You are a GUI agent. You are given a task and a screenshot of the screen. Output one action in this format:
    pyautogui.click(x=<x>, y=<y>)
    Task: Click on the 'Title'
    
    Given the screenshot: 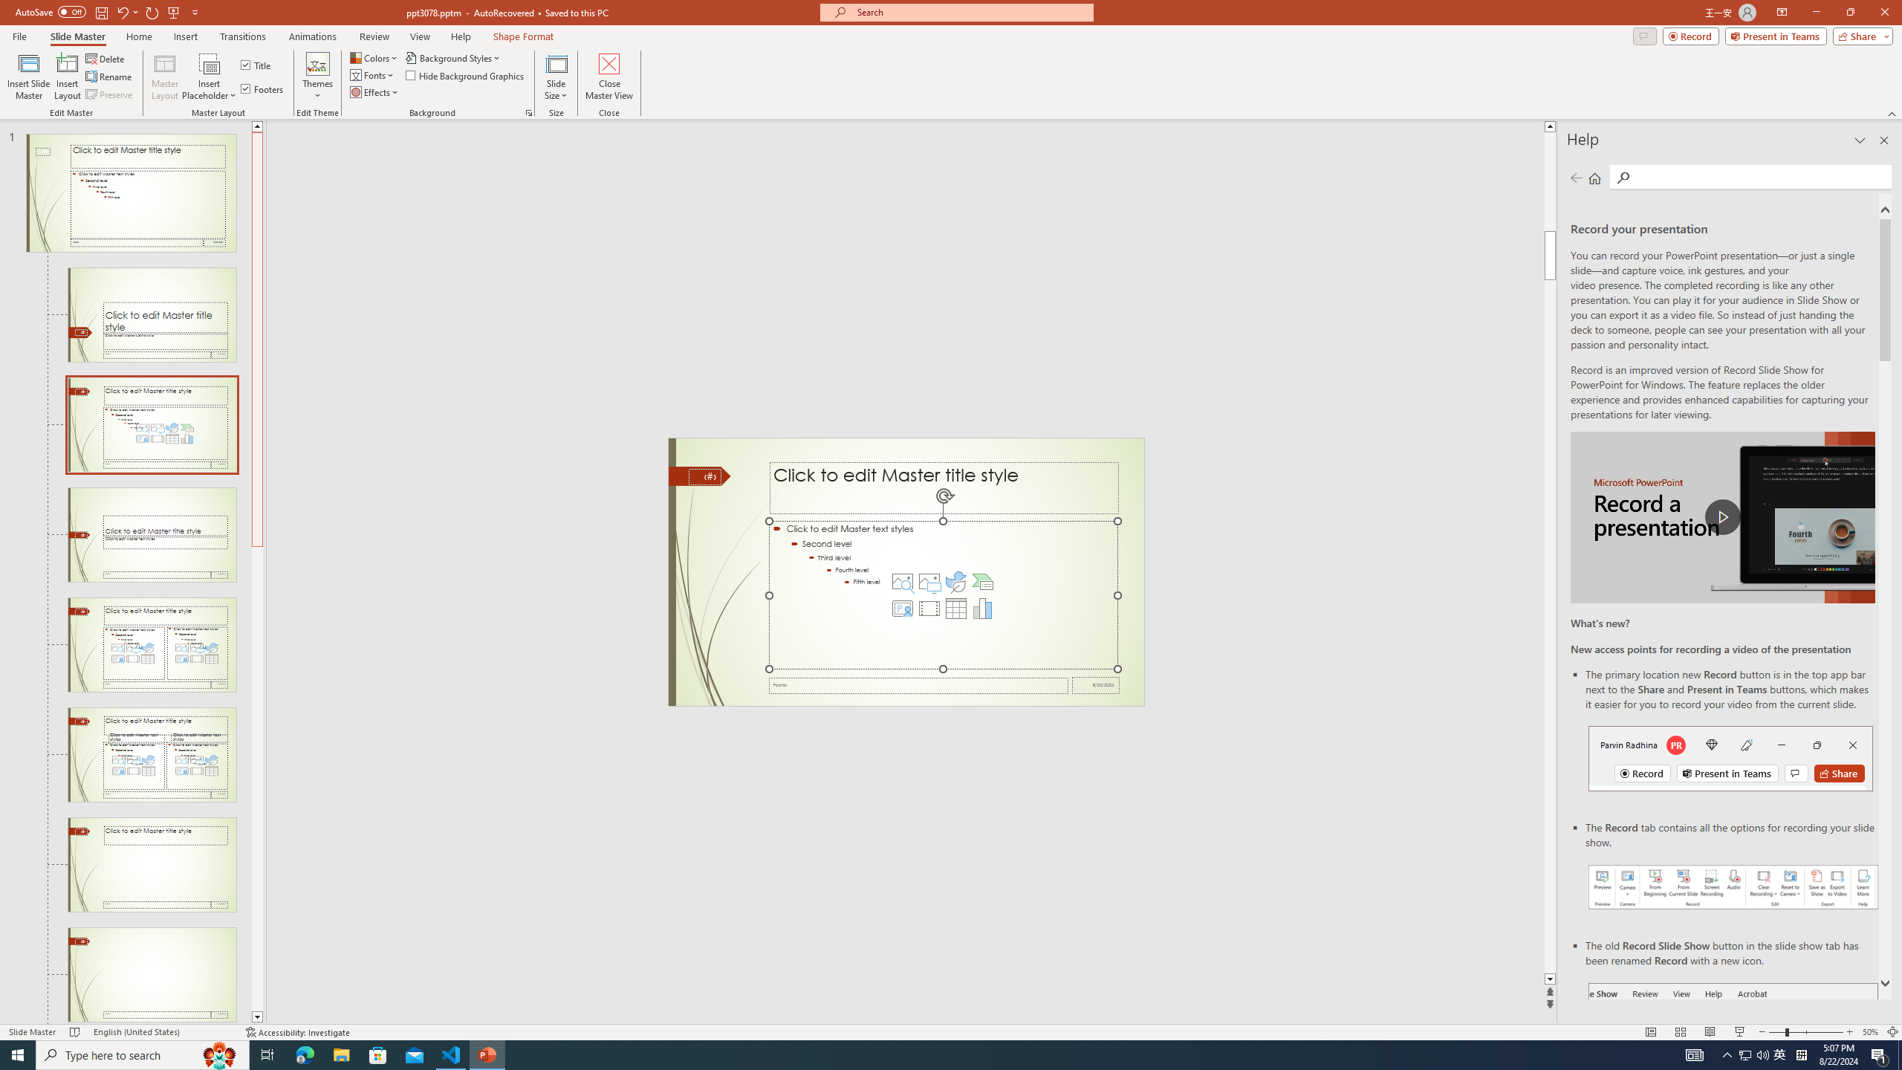 What is the action you would take?
    pyautogui.click(x=256, y=65)
    